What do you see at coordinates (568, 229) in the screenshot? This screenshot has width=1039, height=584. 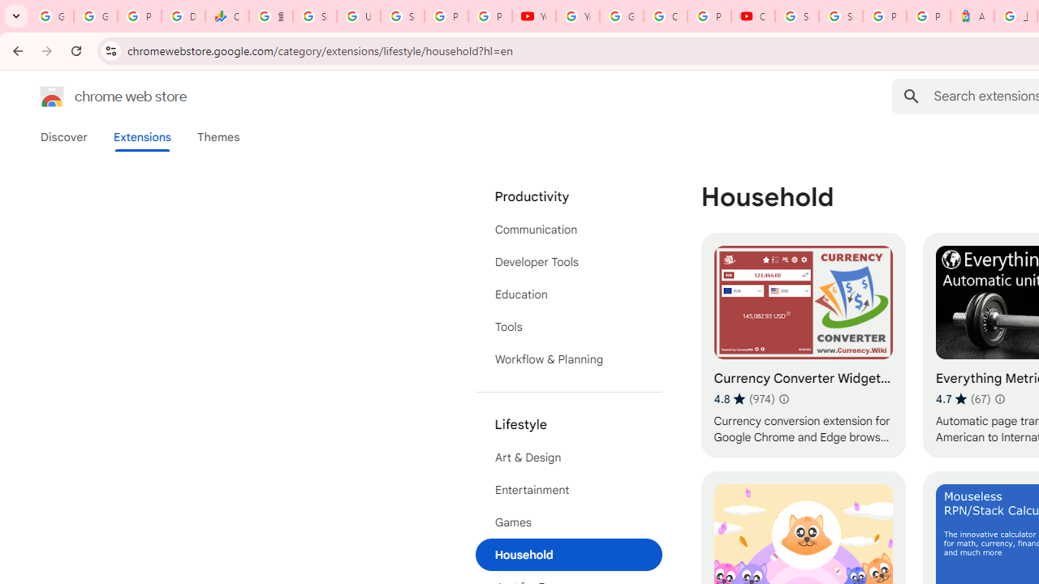 I see `'Communication'` at bounding box center [568, 229].